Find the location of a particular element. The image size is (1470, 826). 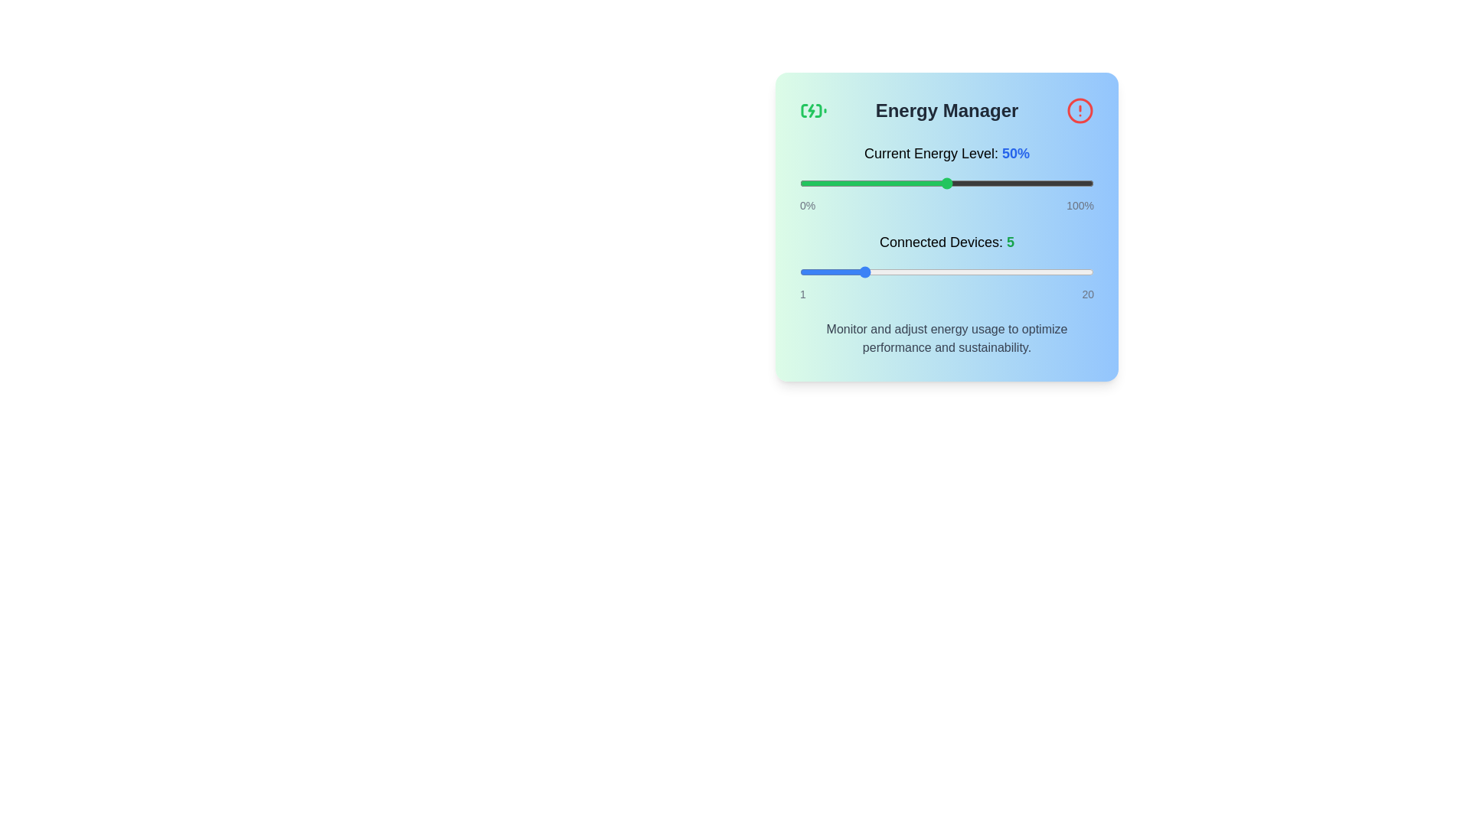

the energy level slider to 4% is located at coordinates (811, 182).